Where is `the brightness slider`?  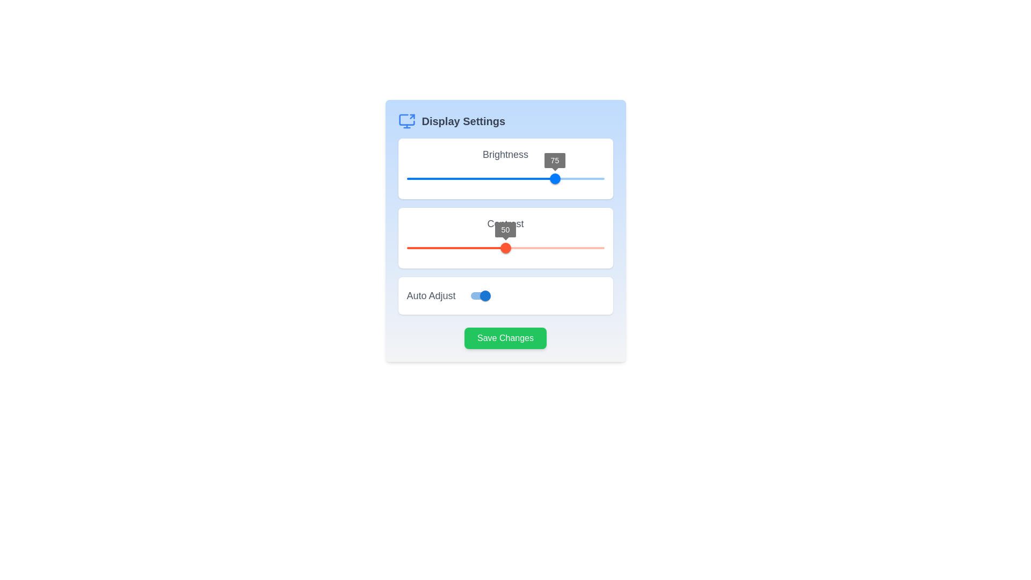
the brightness slider is located at coordinates (501, 178).